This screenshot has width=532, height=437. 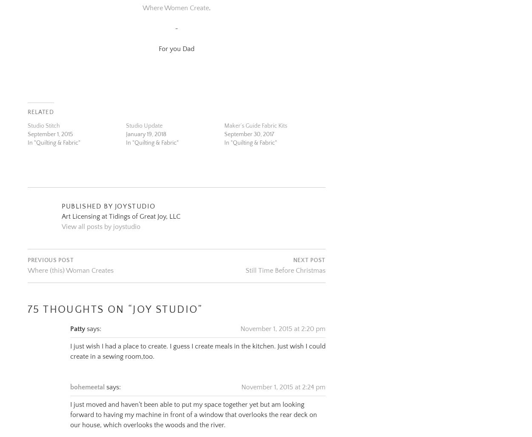 What do you see at coordinates (165, 299) in the screenshot?
I see `'Joy Studio'` at bounding box center [165, 299].